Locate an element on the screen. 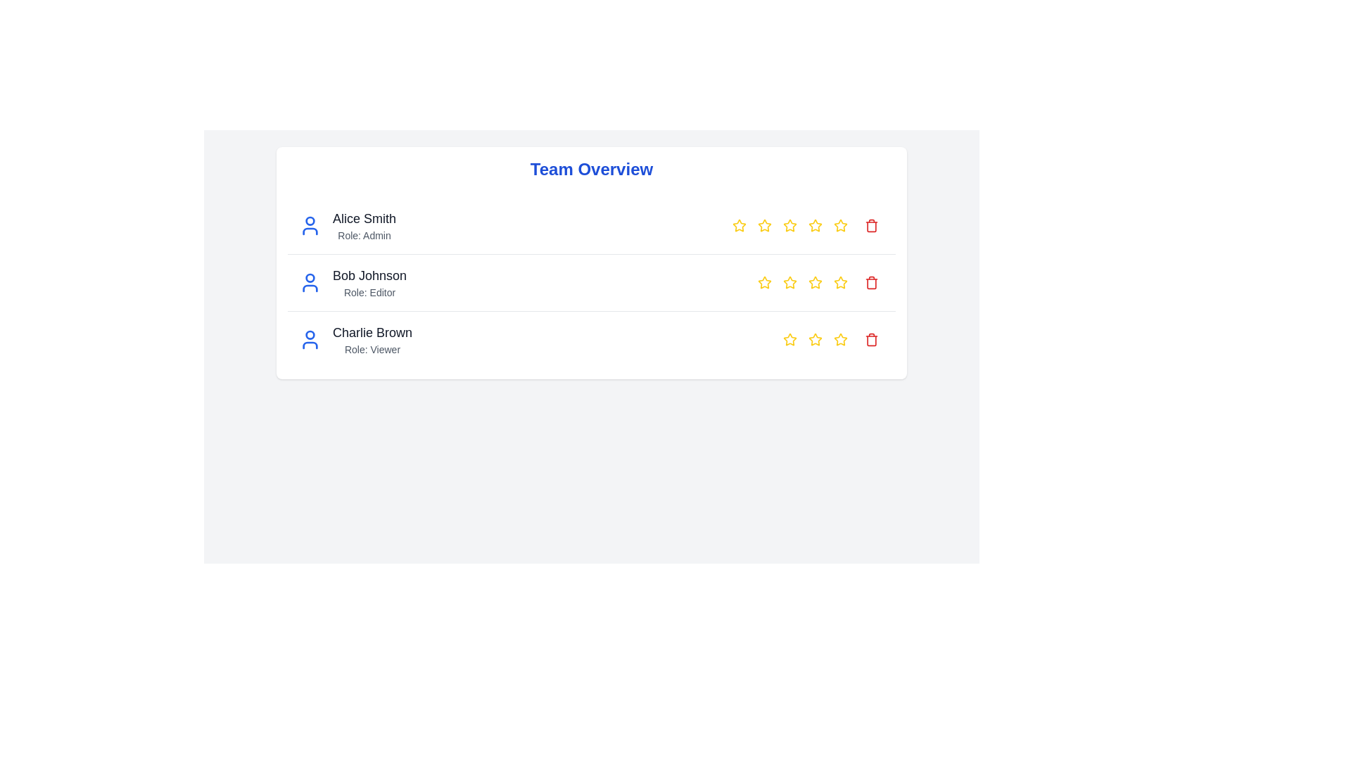 Image resolution: width=1351 pixels, height=760 pixels. the third star in the rating group associated with 'Charlie Brown' to rate is located at coordinates (814, 339).